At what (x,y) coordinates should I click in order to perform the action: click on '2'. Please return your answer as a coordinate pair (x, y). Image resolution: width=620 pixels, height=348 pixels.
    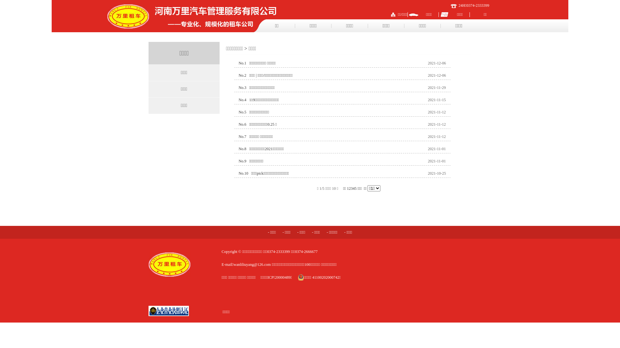
    Looking at the image, I should click on (348, 188).